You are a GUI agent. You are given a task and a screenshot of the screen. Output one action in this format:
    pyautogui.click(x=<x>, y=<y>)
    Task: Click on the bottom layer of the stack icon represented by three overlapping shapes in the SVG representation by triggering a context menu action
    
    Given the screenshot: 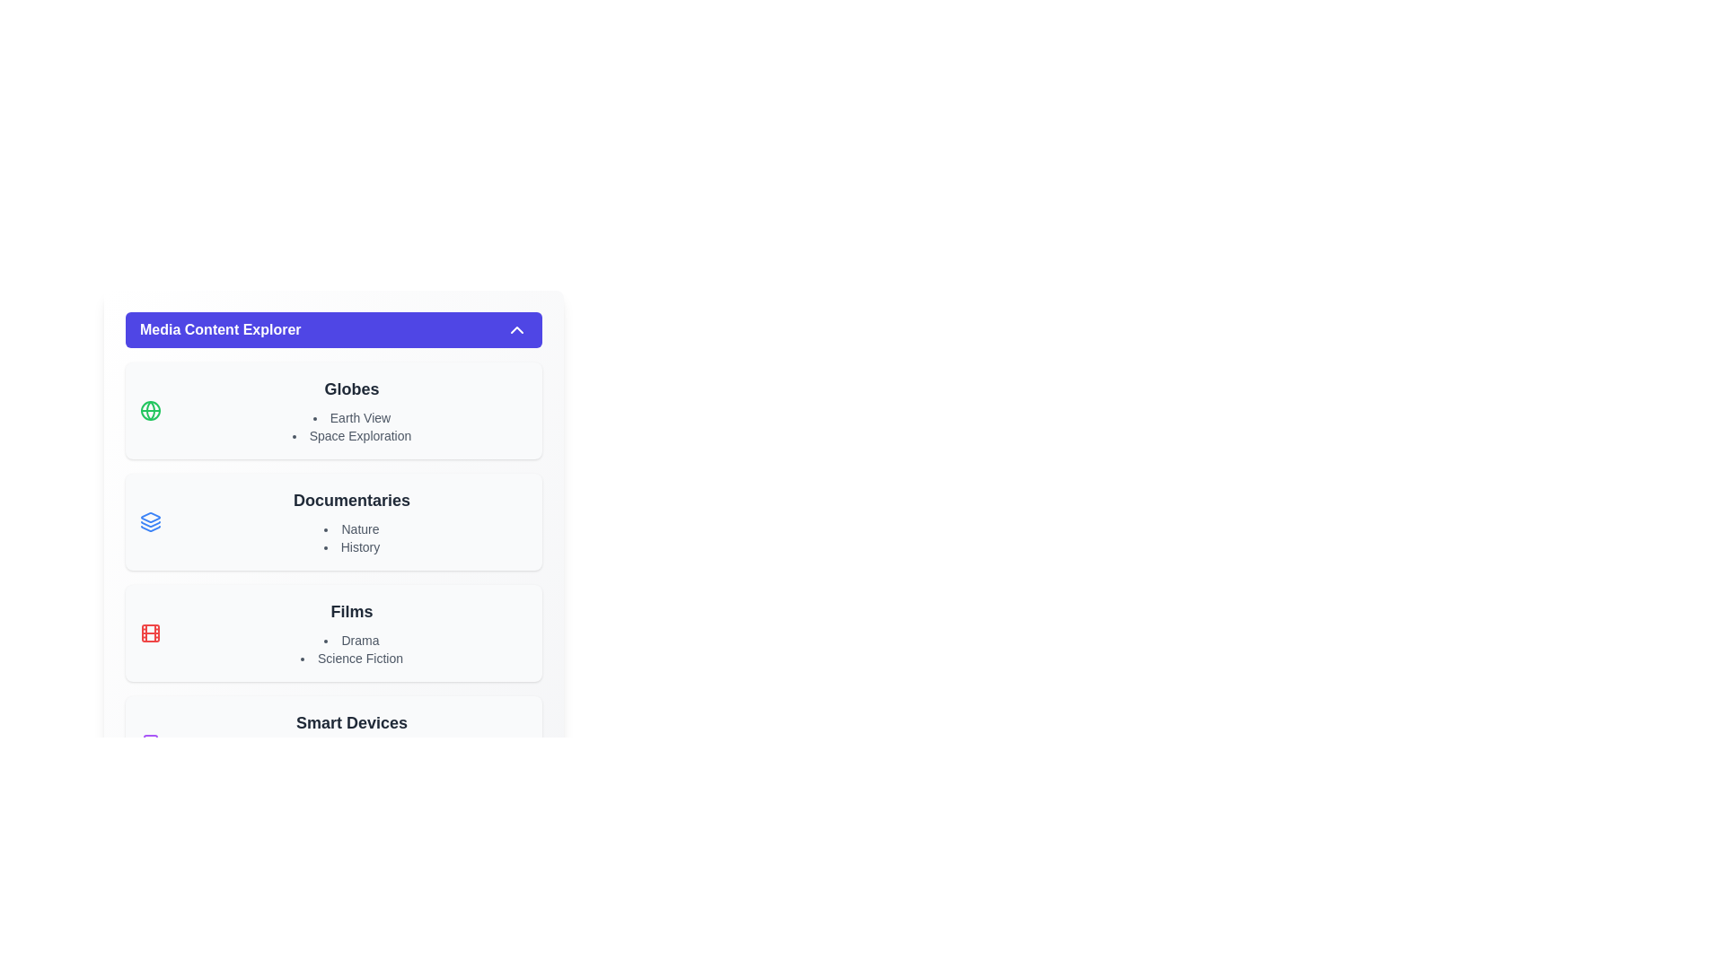 What is the action you would take?
    pyautogui.click(x=151, y=528)
    